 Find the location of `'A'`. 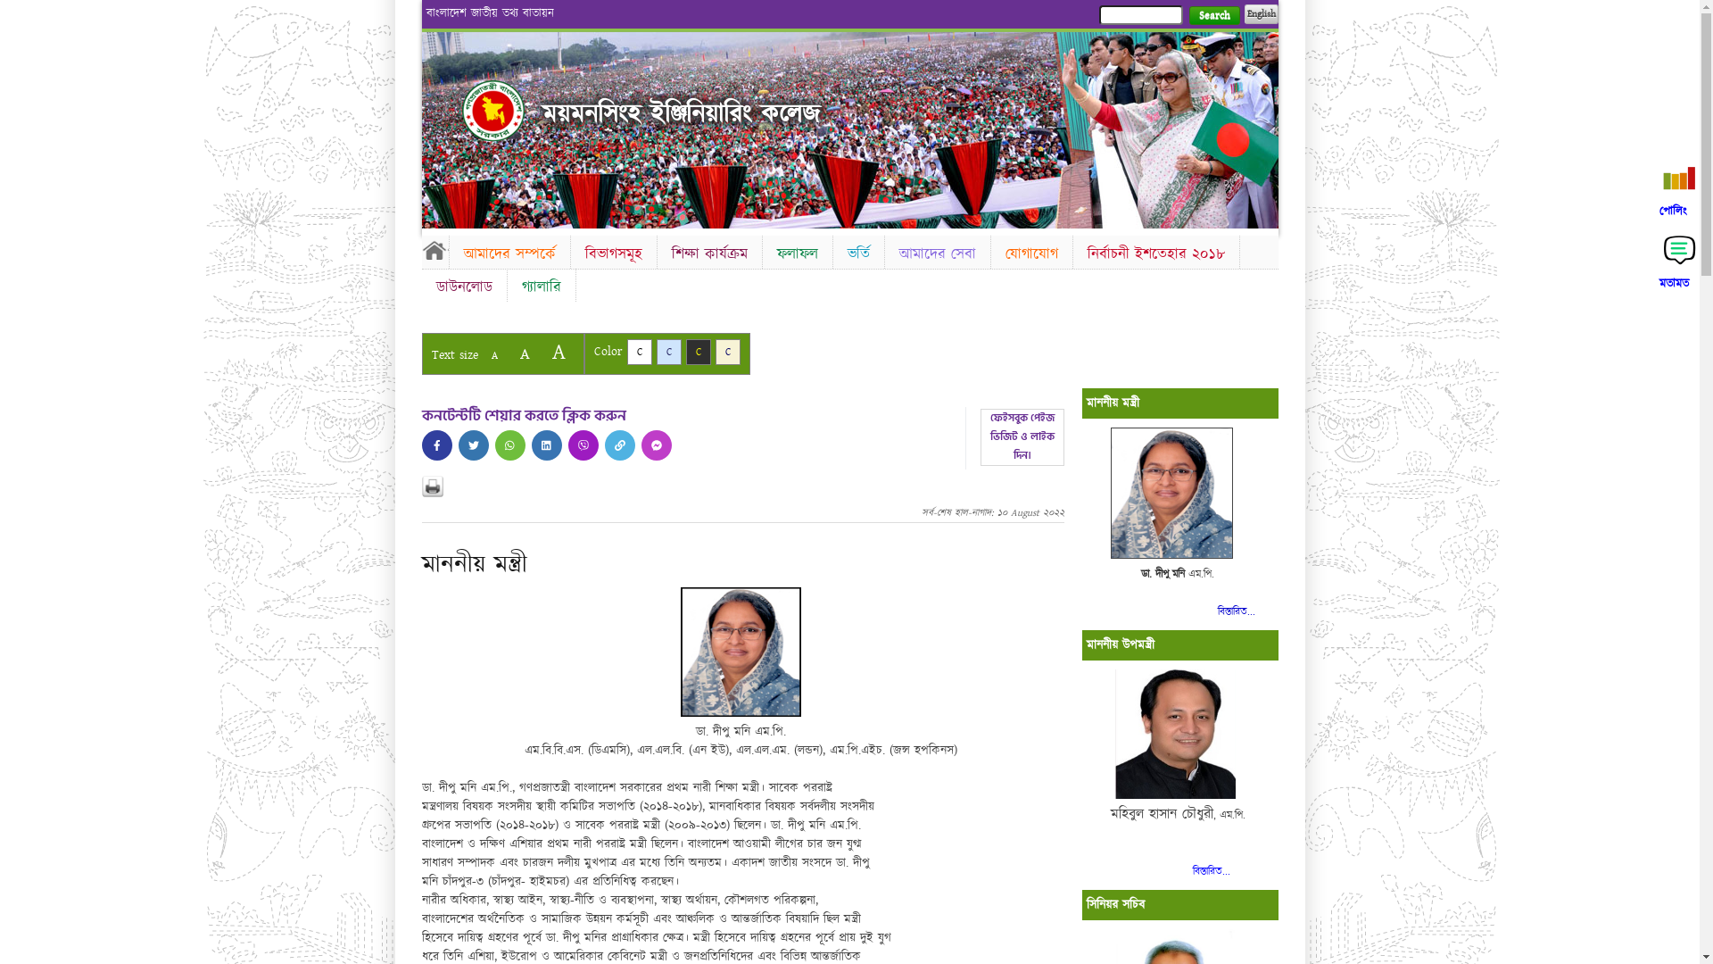

'A' is located at coordinates (523, 353).